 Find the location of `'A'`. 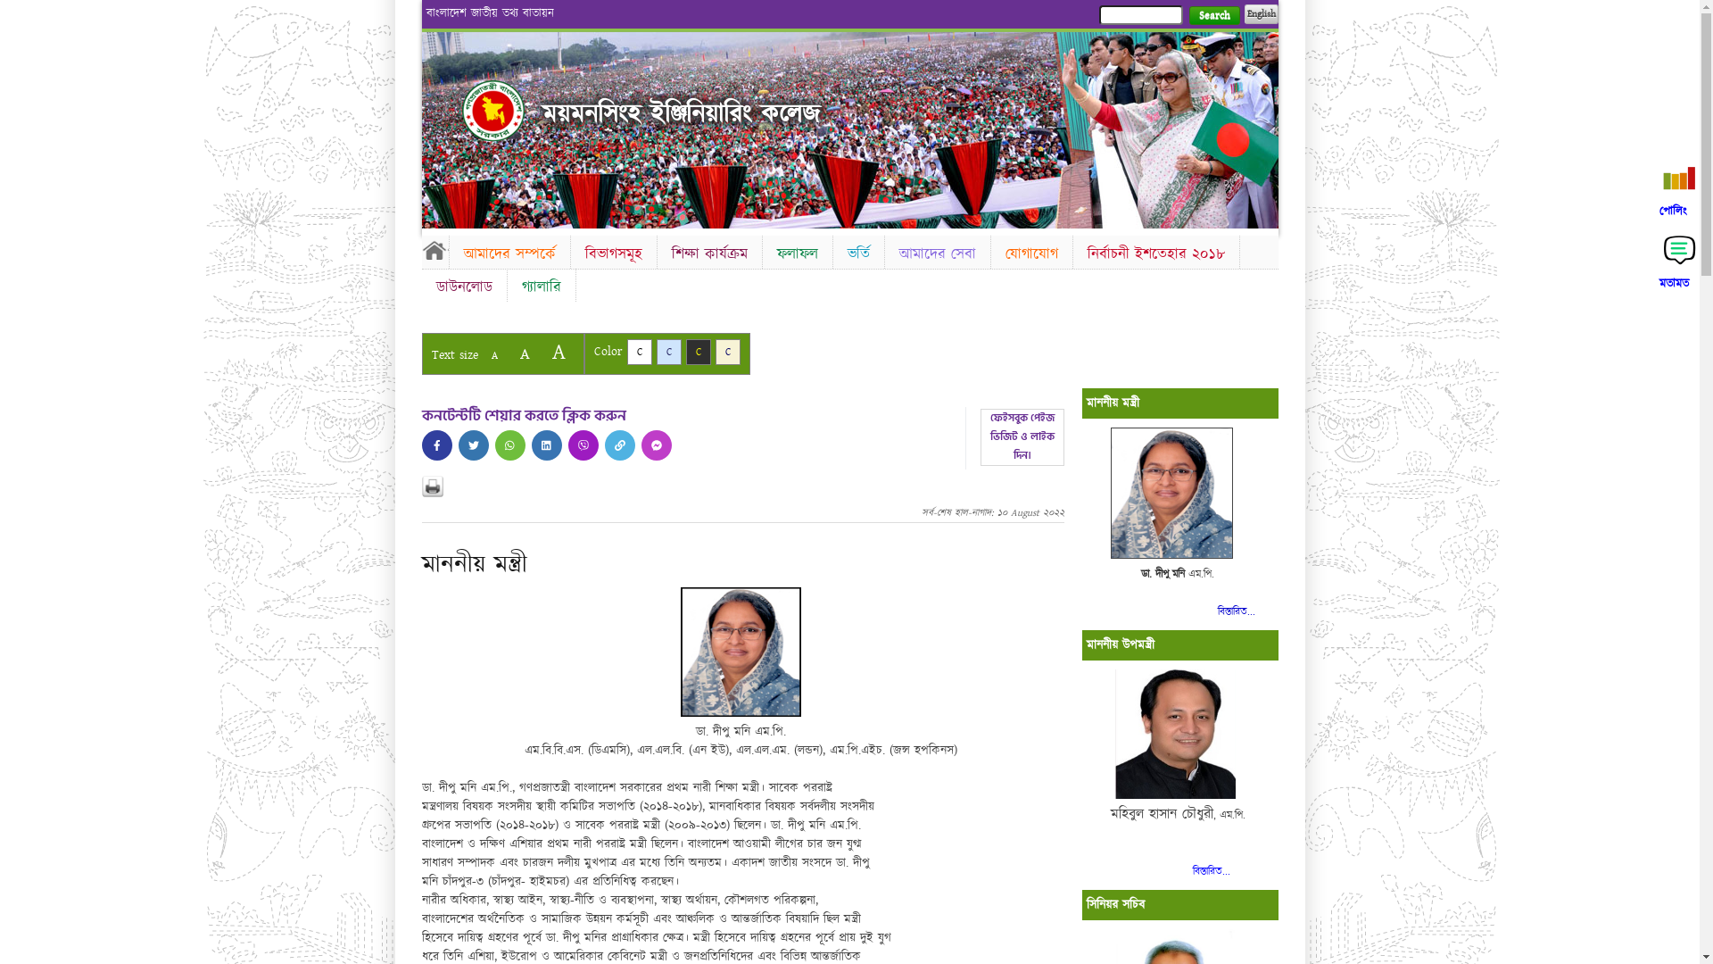

'A' is located at coordinates (523, 353).